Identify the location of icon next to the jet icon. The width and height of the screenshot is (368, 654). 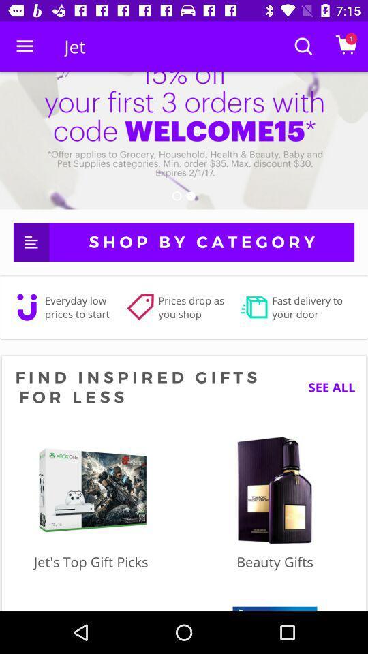
(25, 46).